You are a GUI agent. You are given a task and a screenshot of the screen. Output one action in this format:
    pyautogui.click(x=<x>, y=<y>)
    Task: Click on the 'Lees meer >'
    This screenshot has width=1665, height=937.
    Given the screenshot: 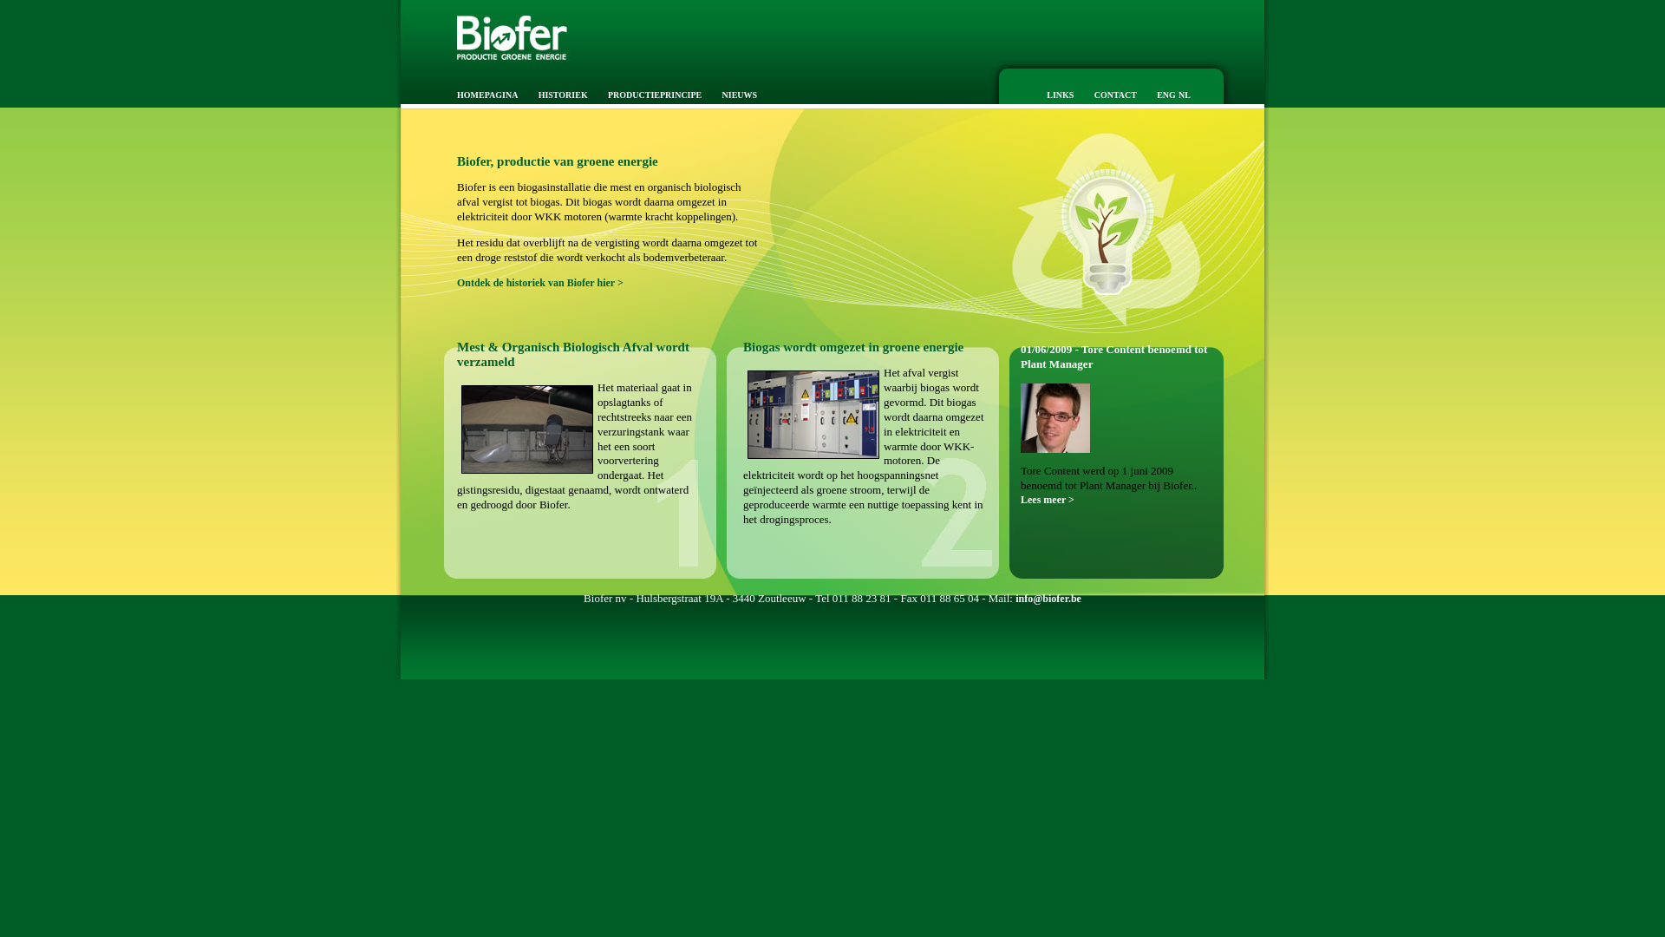 What is the action you would take?
    pyautogui.click(x=1020, y=499)
    